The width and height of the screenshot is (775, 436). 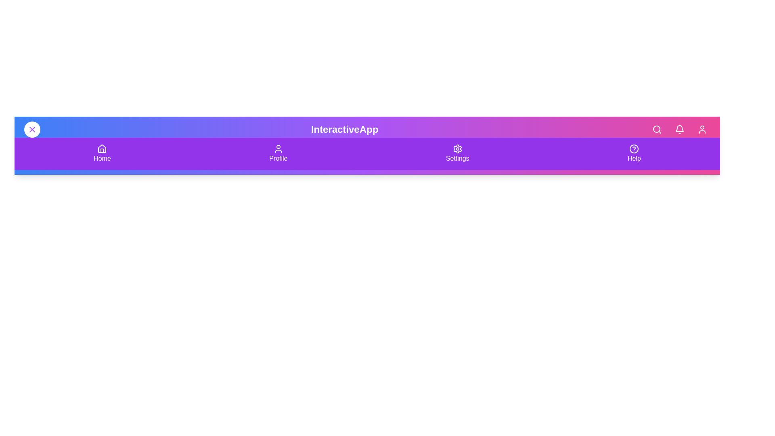 What do you see at coordinates (457, 154) in the screenshot?
I see `the navigation menu item Settings` at bounding box center [457, 154].